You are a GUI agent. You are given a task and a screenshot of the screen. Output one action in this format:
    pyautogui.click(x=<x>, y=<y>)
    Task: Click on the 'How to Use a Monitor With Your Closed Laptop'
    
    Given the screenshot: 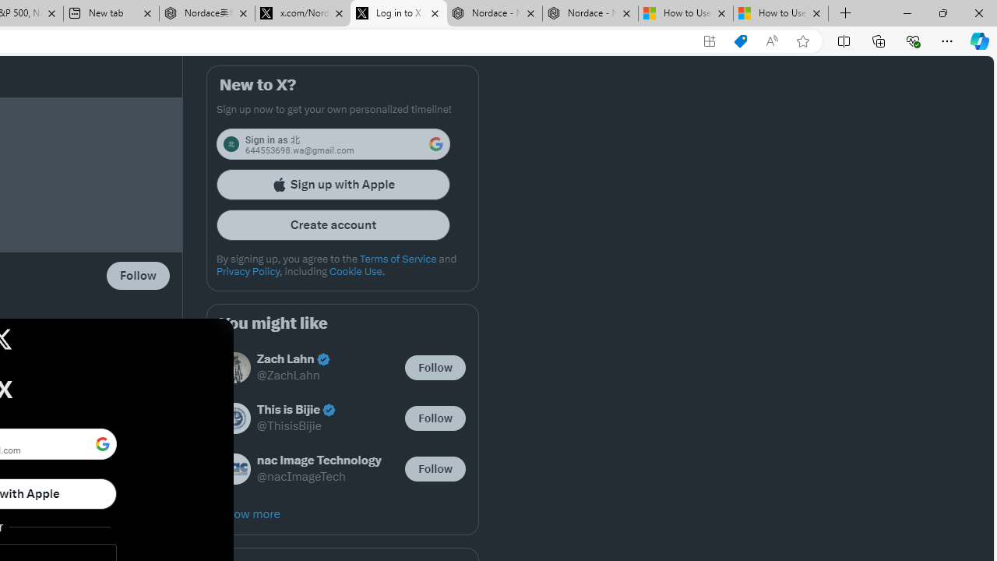 What is the action you would take?
    pyautogui.click(x=780, y=13)
    